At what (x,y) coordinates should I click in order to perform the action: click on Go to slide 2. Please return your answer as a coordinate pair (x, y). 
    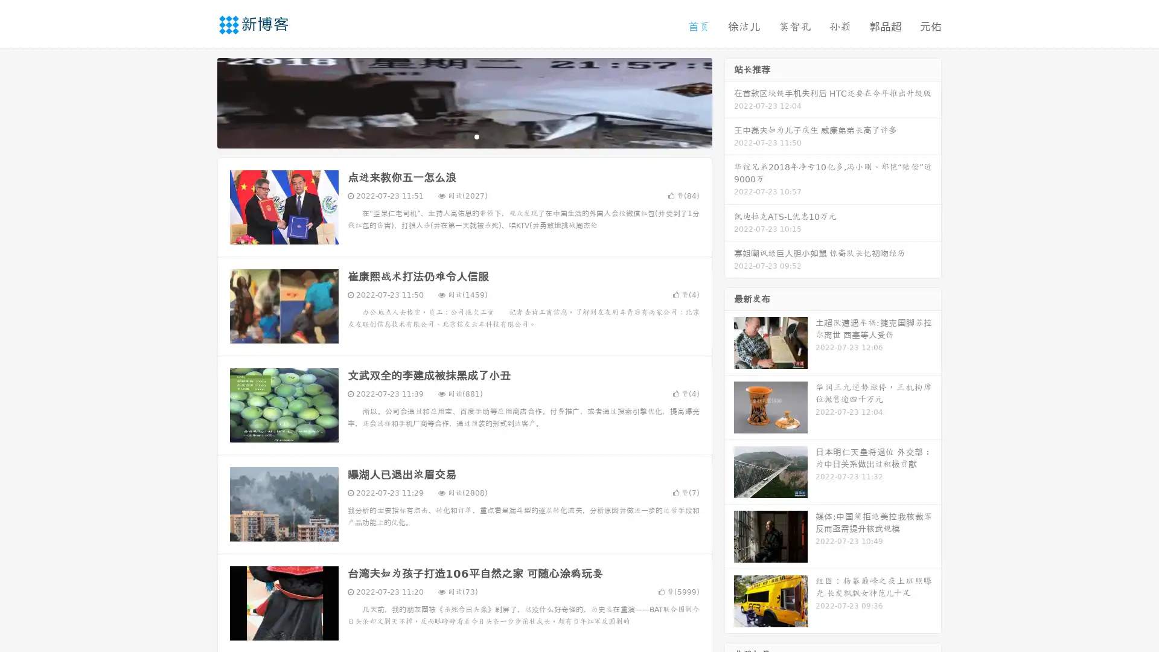
    Looking at the image, I should click on (464, 136).